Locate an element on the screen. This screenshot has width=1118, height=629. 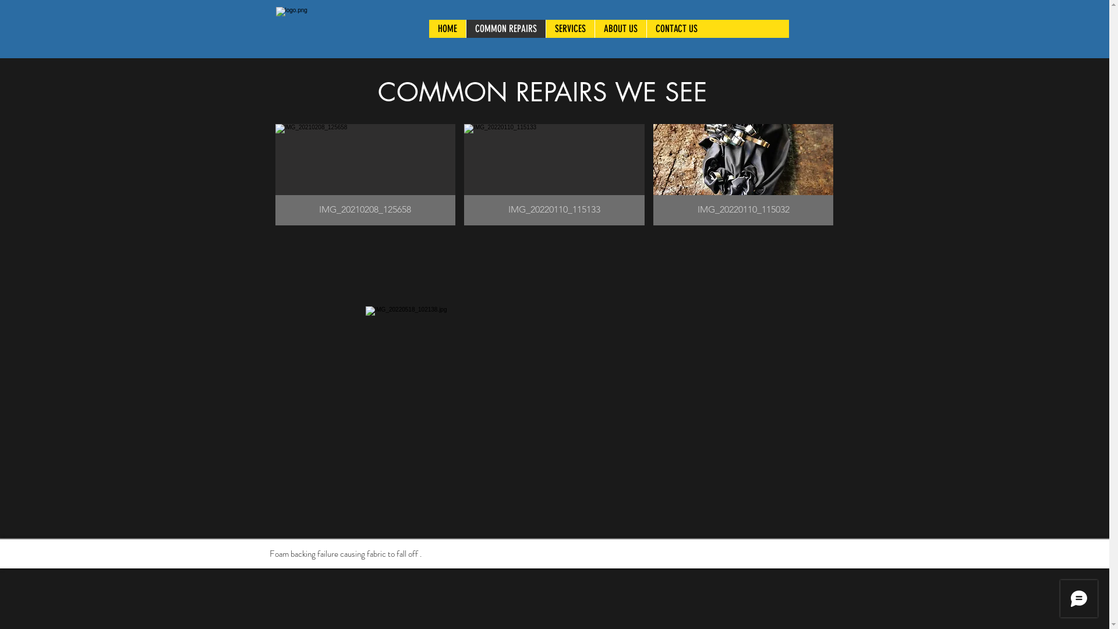
'COMMON REPAIRS' is located at coordinates (505, 28).